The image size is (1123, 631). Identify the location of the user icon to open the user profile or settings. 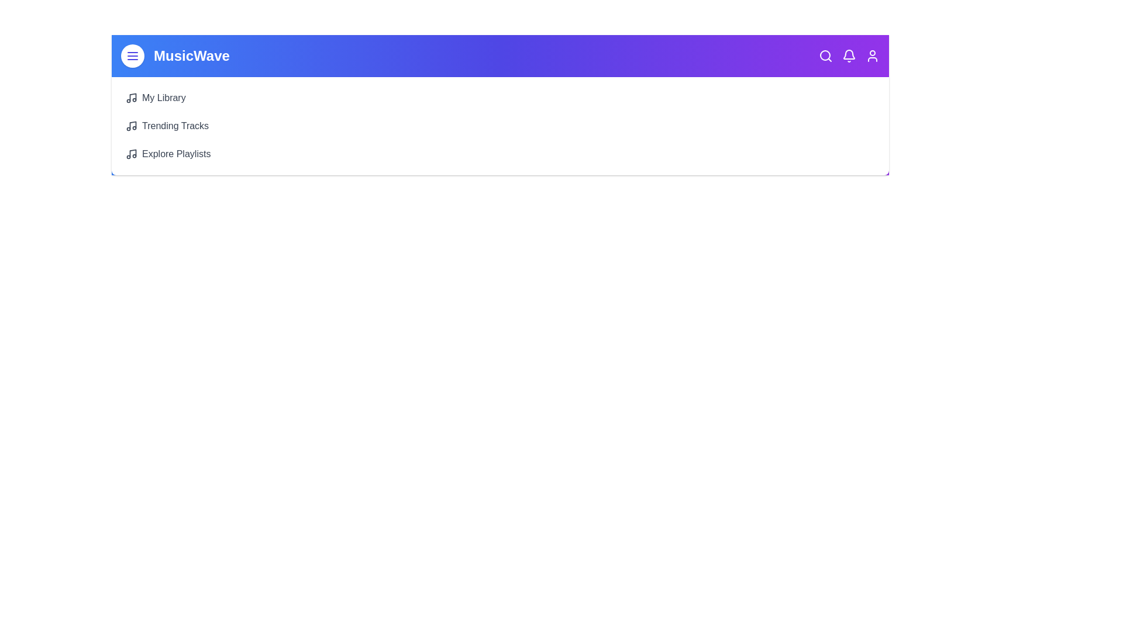
(873, 56).